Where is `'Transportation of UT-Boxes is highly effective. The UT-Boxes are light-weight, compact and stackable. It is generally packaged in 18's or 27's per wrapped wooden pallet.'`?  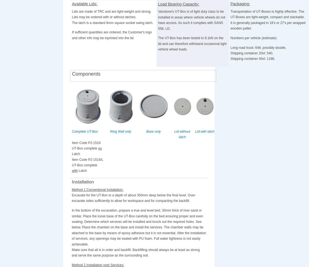 'Transportation of UT-Boxes is highly effective. The UT-Boxes are light-weight, compact and stackable. It is generally packaged in 18's or 27's per wrapped wooden pallet.' is located at coordinates (268, 20).